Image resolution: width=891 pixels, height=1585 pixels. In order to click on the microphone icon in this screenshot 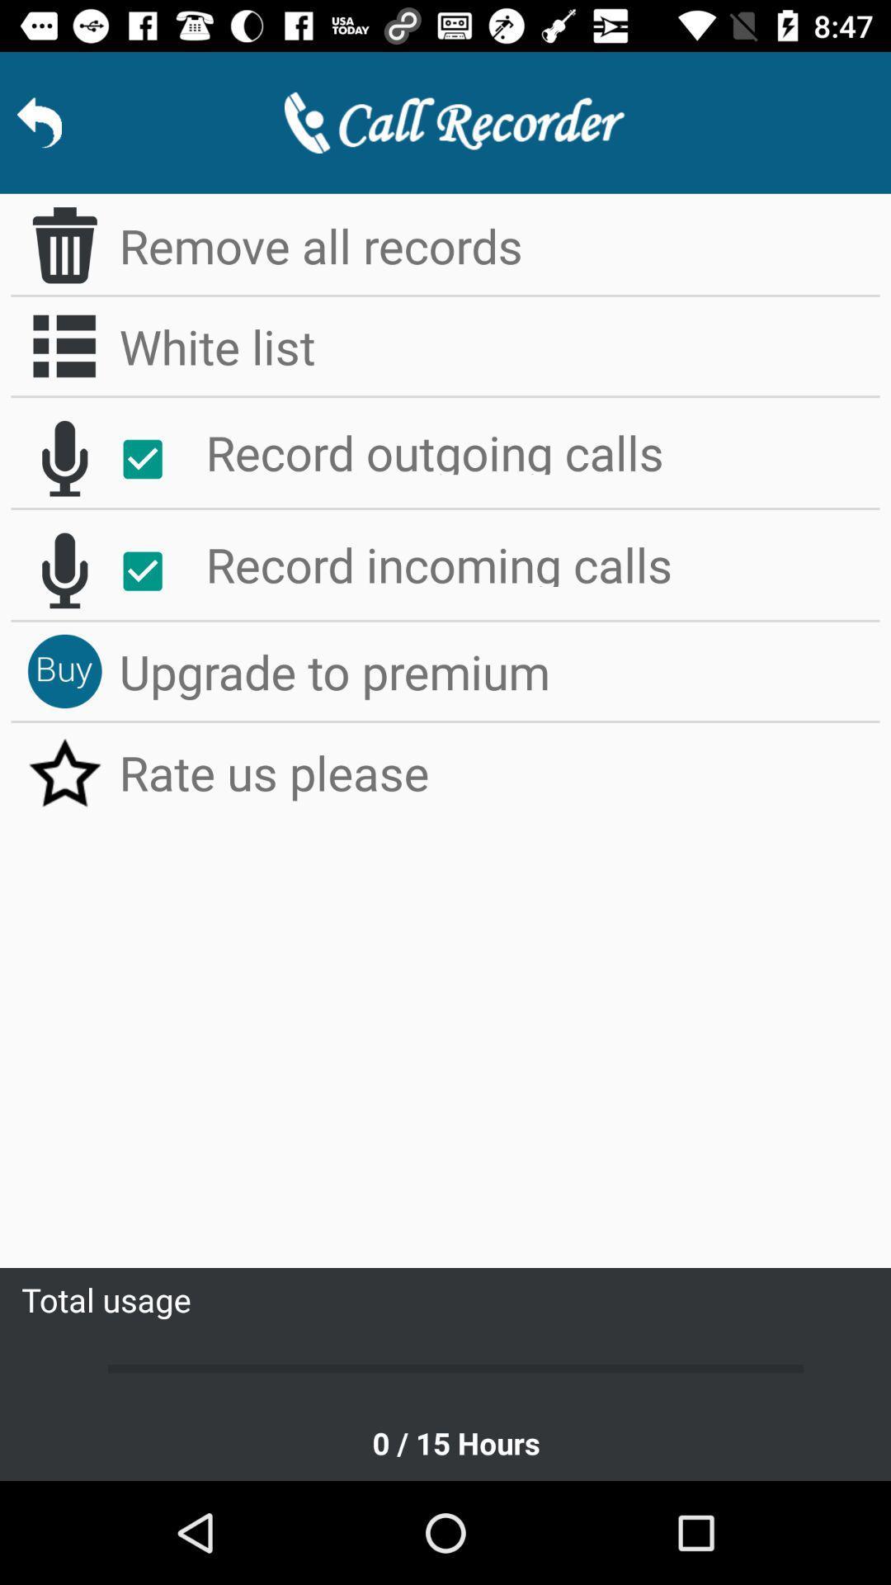, I will do `click(64, 458)`.